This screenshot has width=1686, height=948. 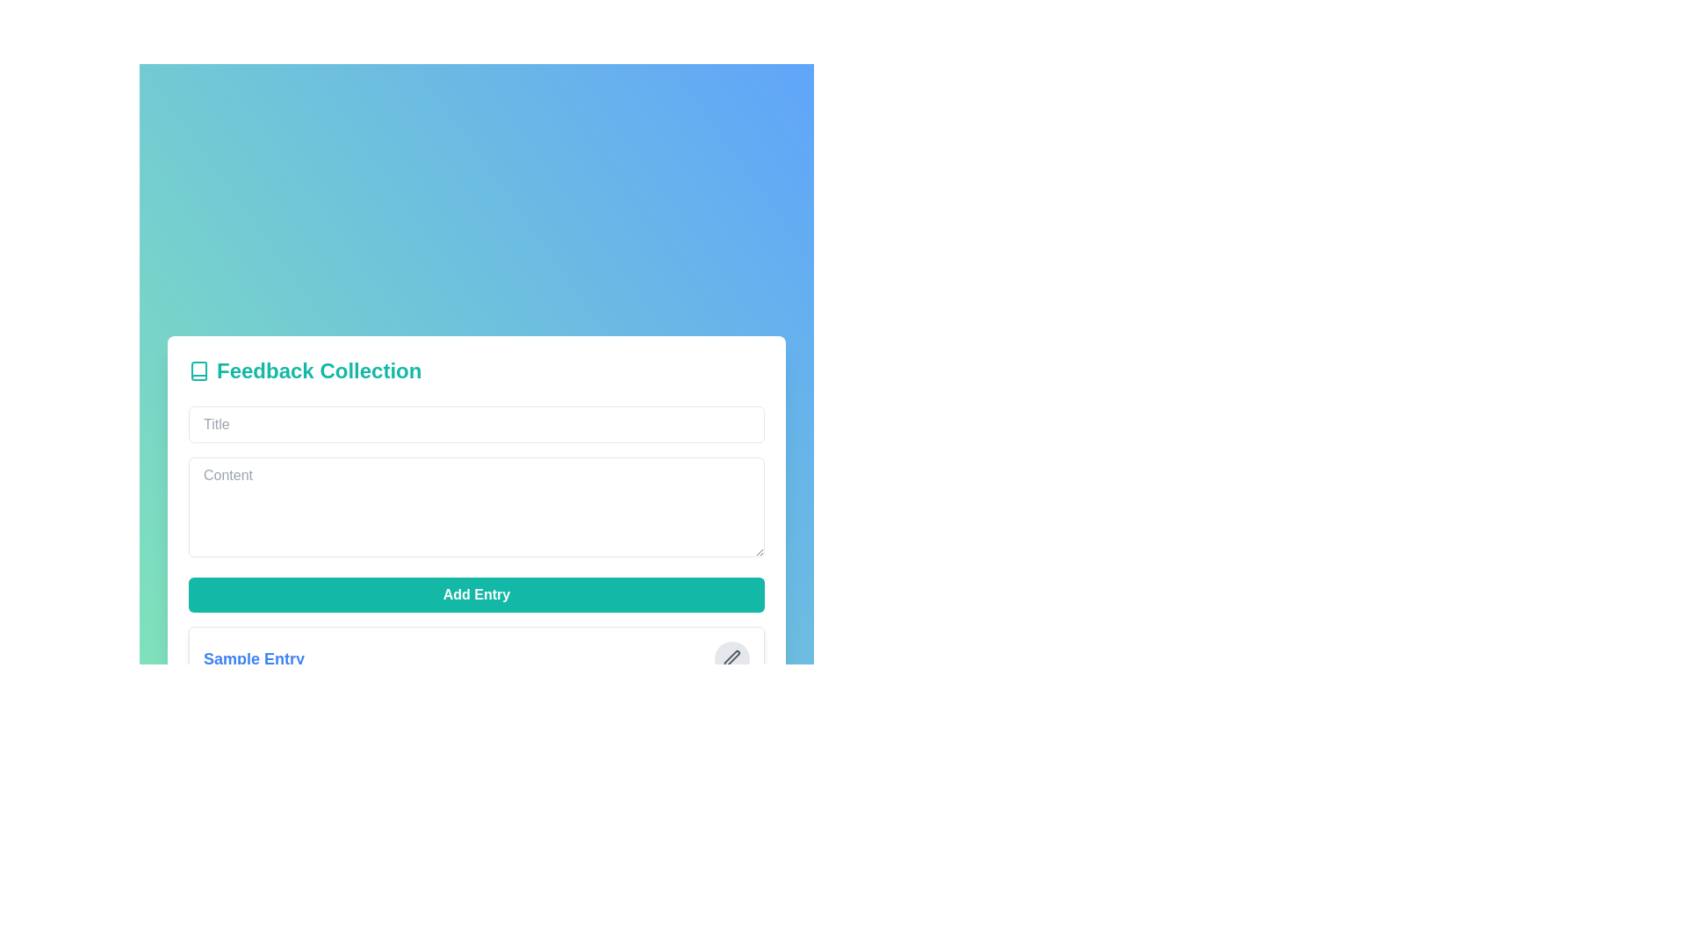 I want to click on the icon button located to the right of the 'Sample Entry' label, so click(x=732, y=657).